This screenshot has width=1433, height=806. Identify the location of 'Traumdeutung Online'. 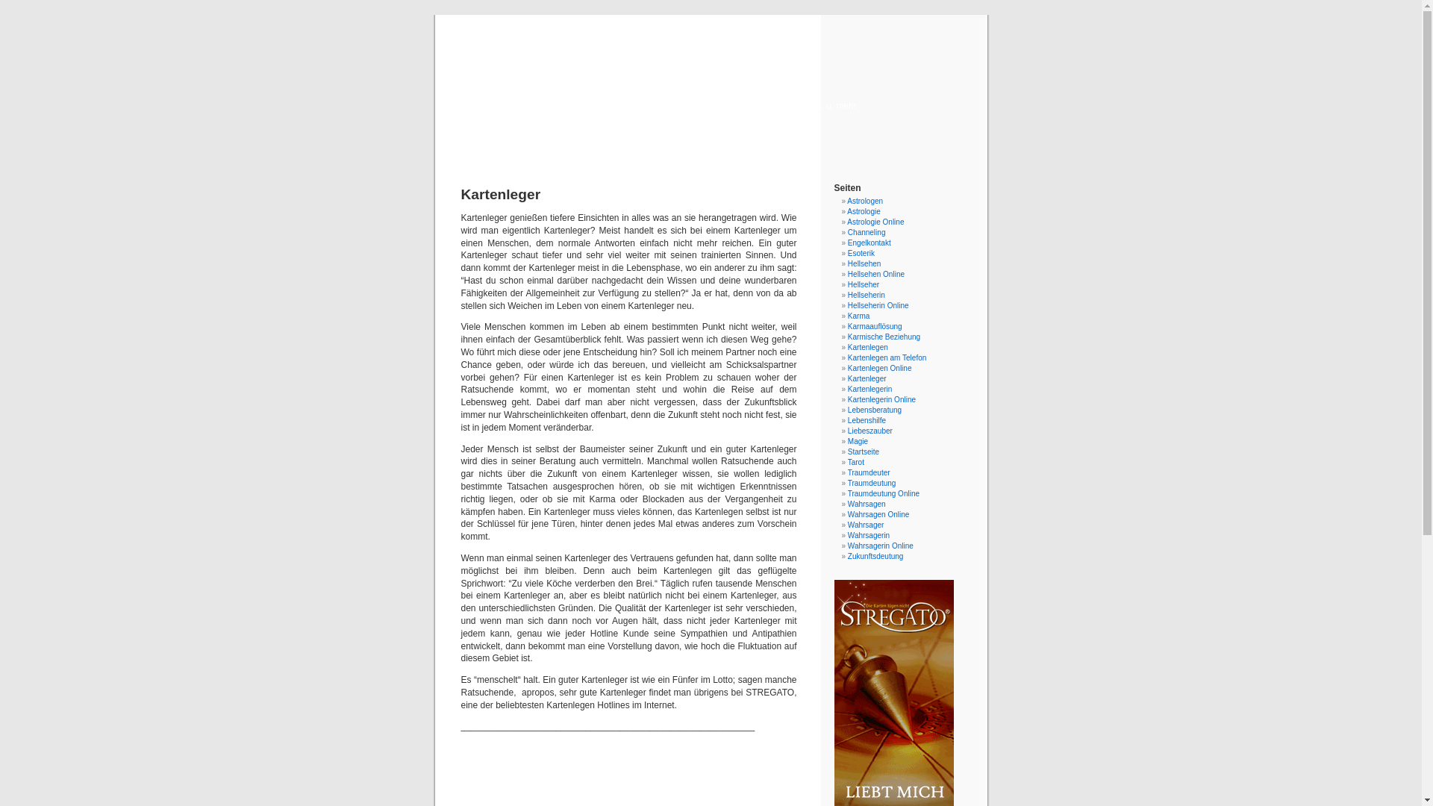
(884, 493).